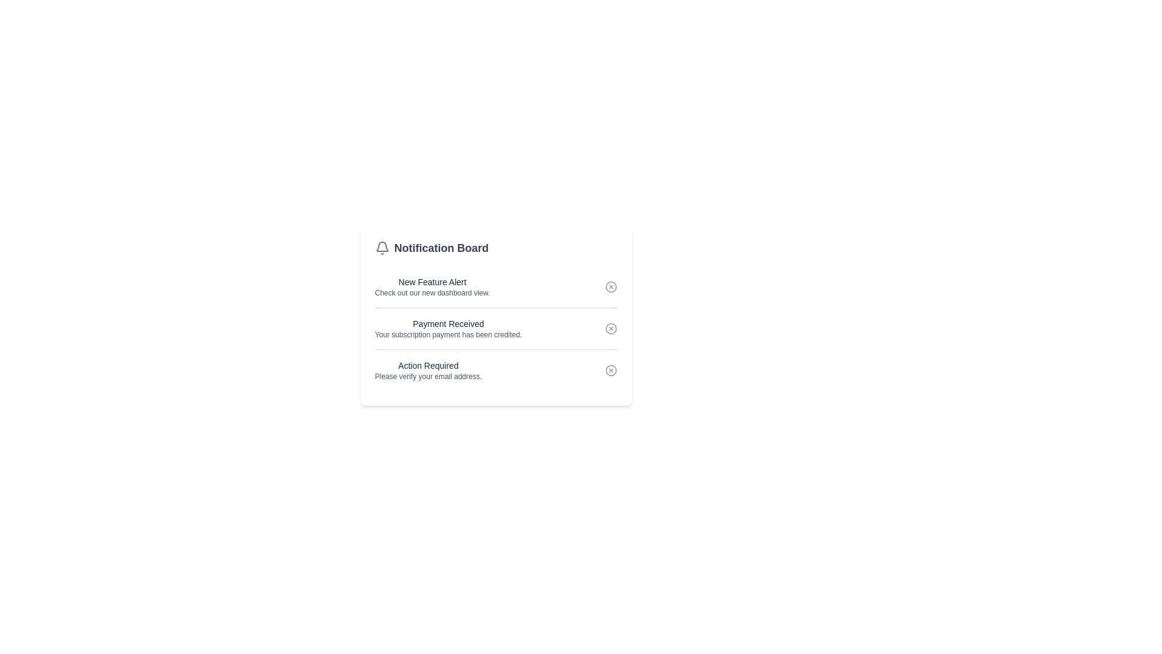 Image resolution: width=1162 pixels, height=654 pixels. I want to click on the static text label element that reads 'Action Required', which is located in the third notification group of the Notification Board, positioned above 'Please verify your email address', so click(428, 365).